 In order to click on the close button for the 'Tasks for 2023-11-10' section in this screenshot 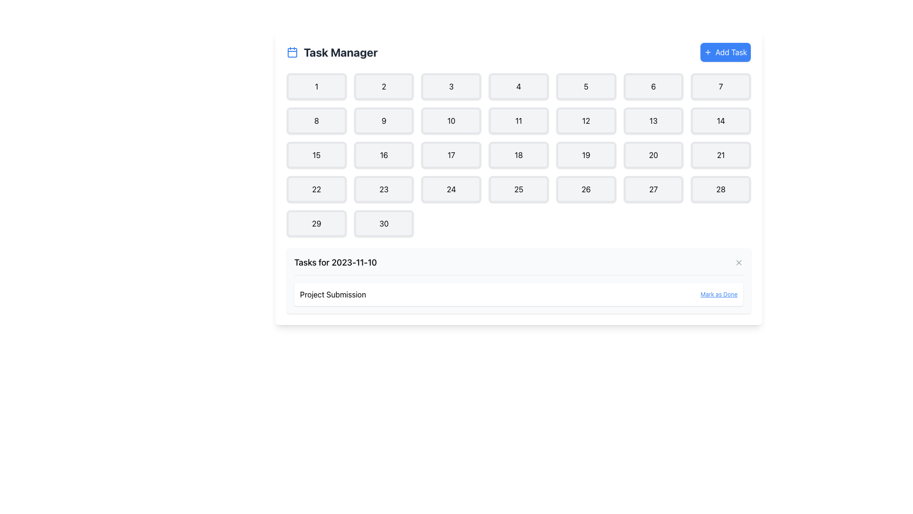, I will do `click(738, 262)`.